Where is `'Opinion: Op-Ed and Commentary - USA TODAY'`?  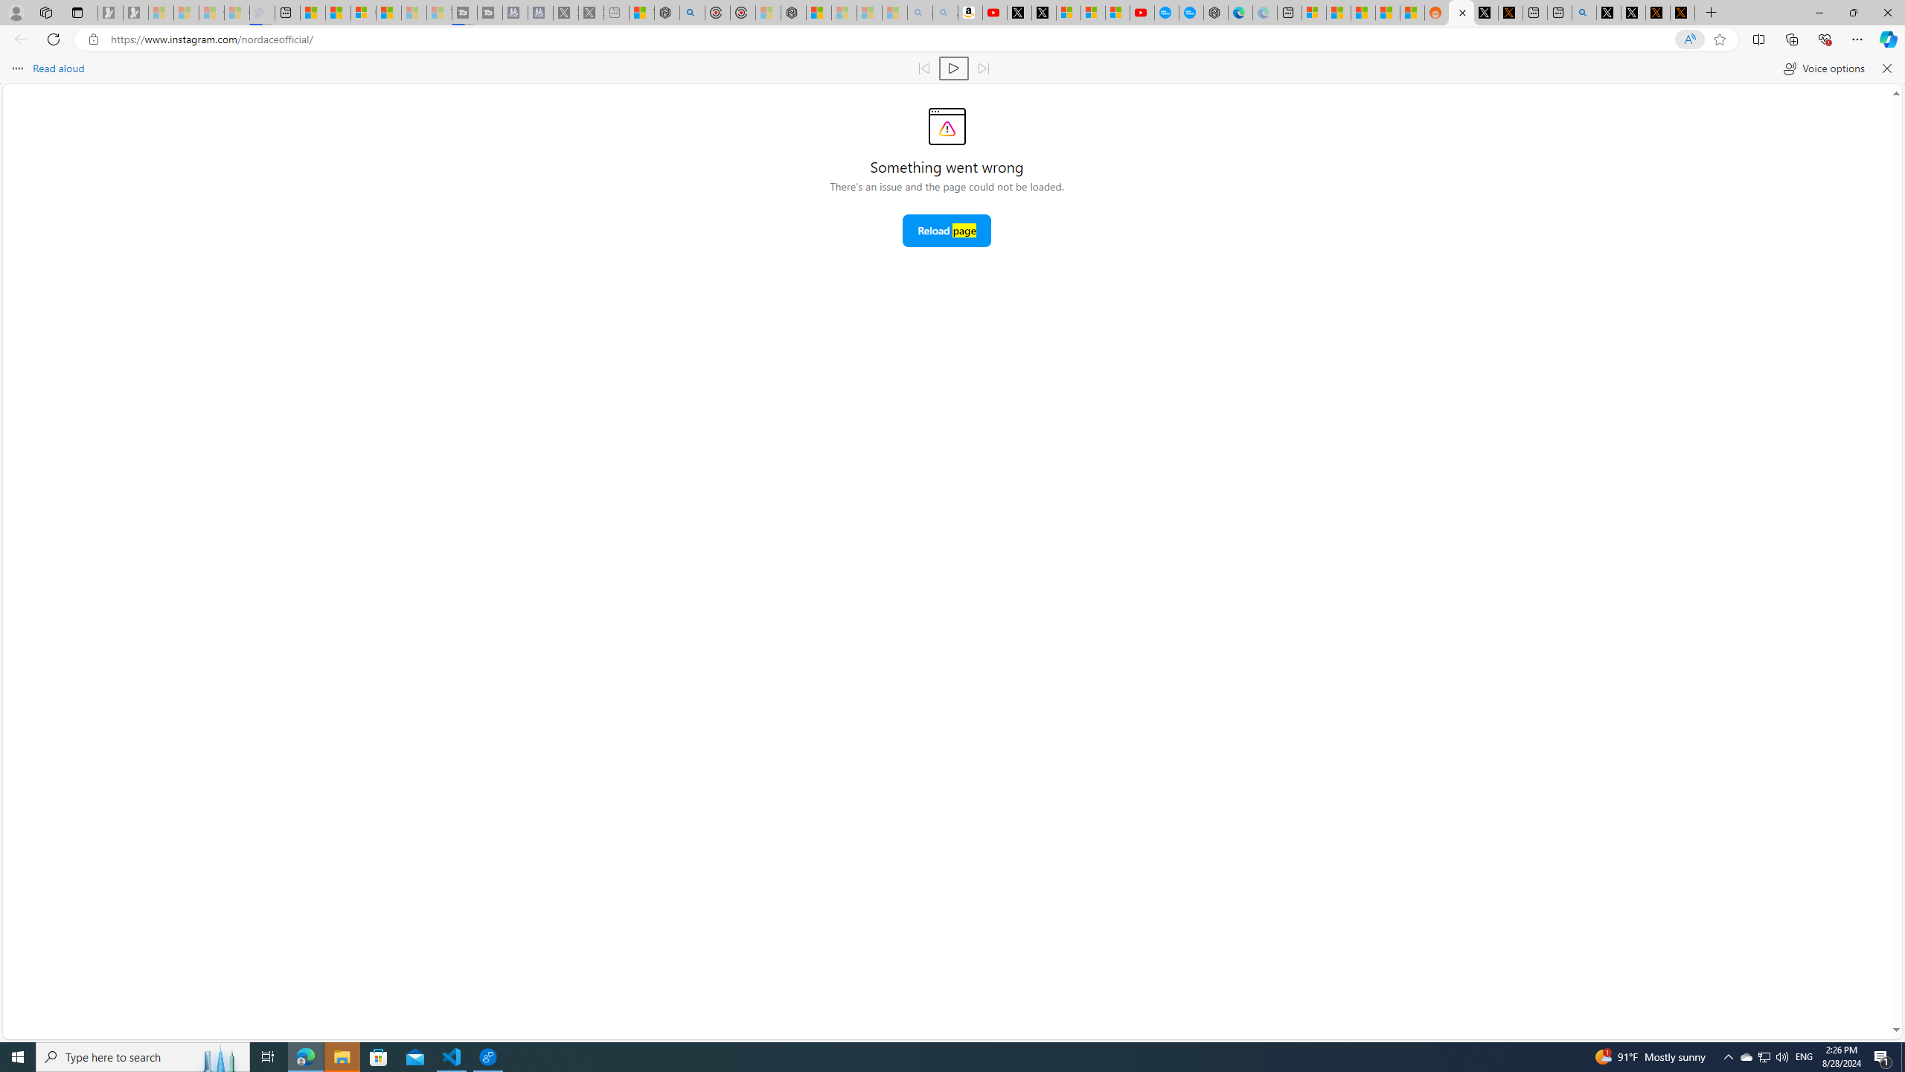
'Opinion: Op-Ed and Commentary - USA TODAY' is located at coordinates (1167, 12).